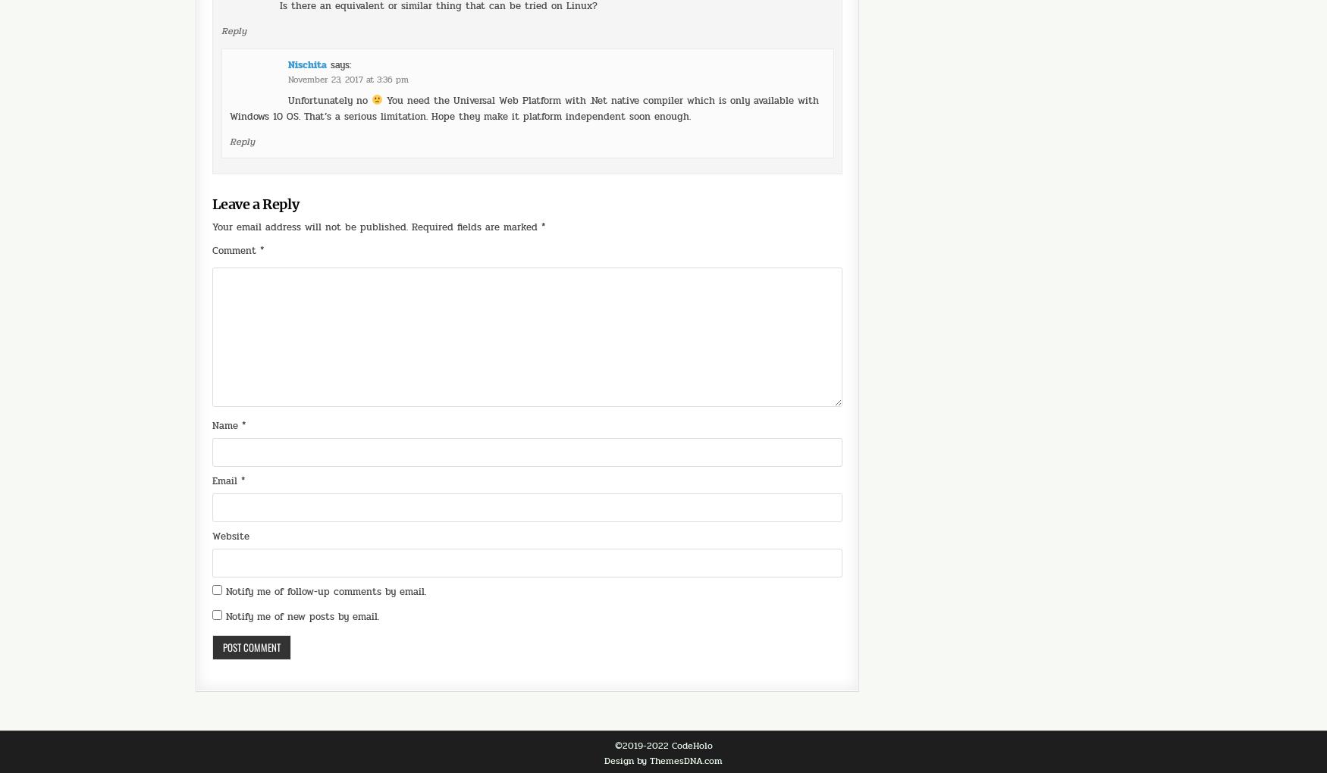 This screenshot has height=773, width=1327. What do you see at coordinates (212, 184) in the screenshot?
I see `'Your email address will not be published.'` at bounding box center [212, 184].